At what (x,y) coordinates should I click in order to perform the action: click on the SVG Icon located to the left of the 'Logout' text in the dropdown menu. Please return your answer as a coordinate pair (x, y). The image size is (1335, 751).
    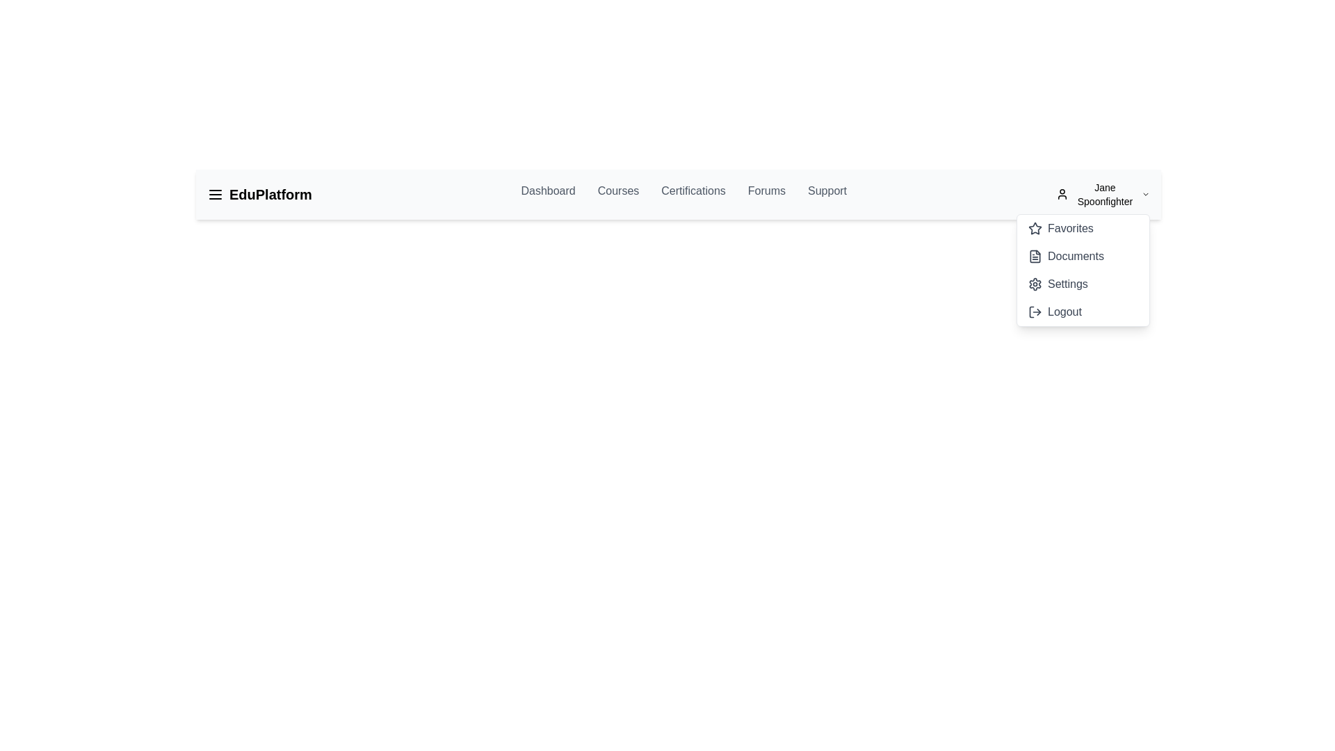
    Looking at the image, I should click on (1035, 311).